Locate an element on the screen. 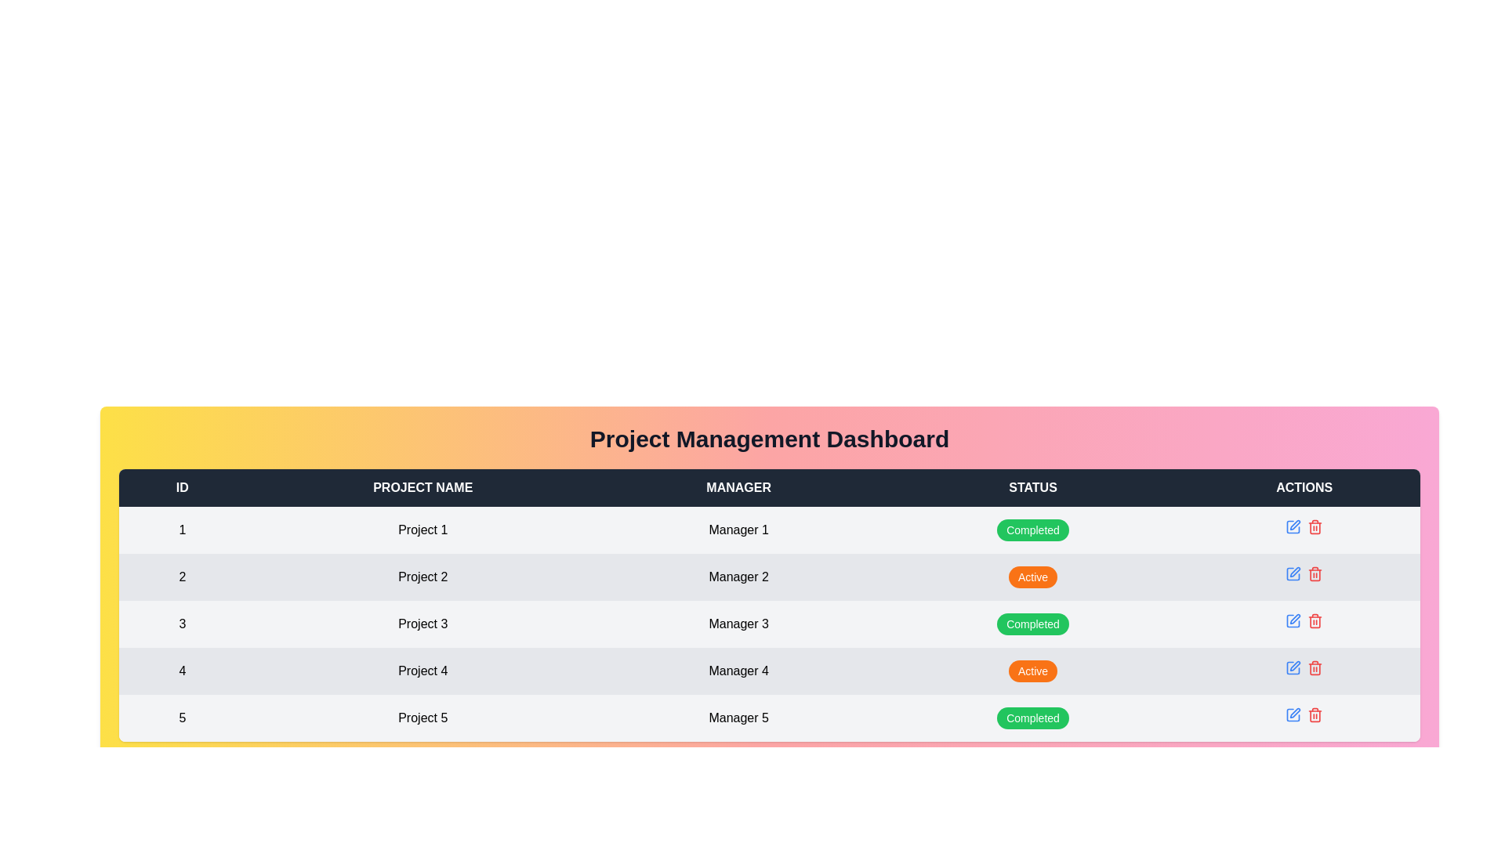  the status indicator button located in the 'STATUS' column of the fourth row of the project management dashboard table is located at coordinates (1033, 670).